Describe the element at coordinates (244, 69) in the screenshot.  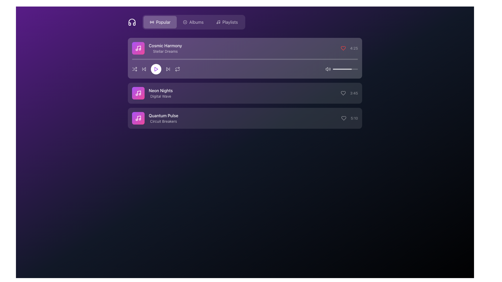
I see `the volume adjustment area of the Interactive player control bar located below the 'Cosmic Harmony' row` at that location.